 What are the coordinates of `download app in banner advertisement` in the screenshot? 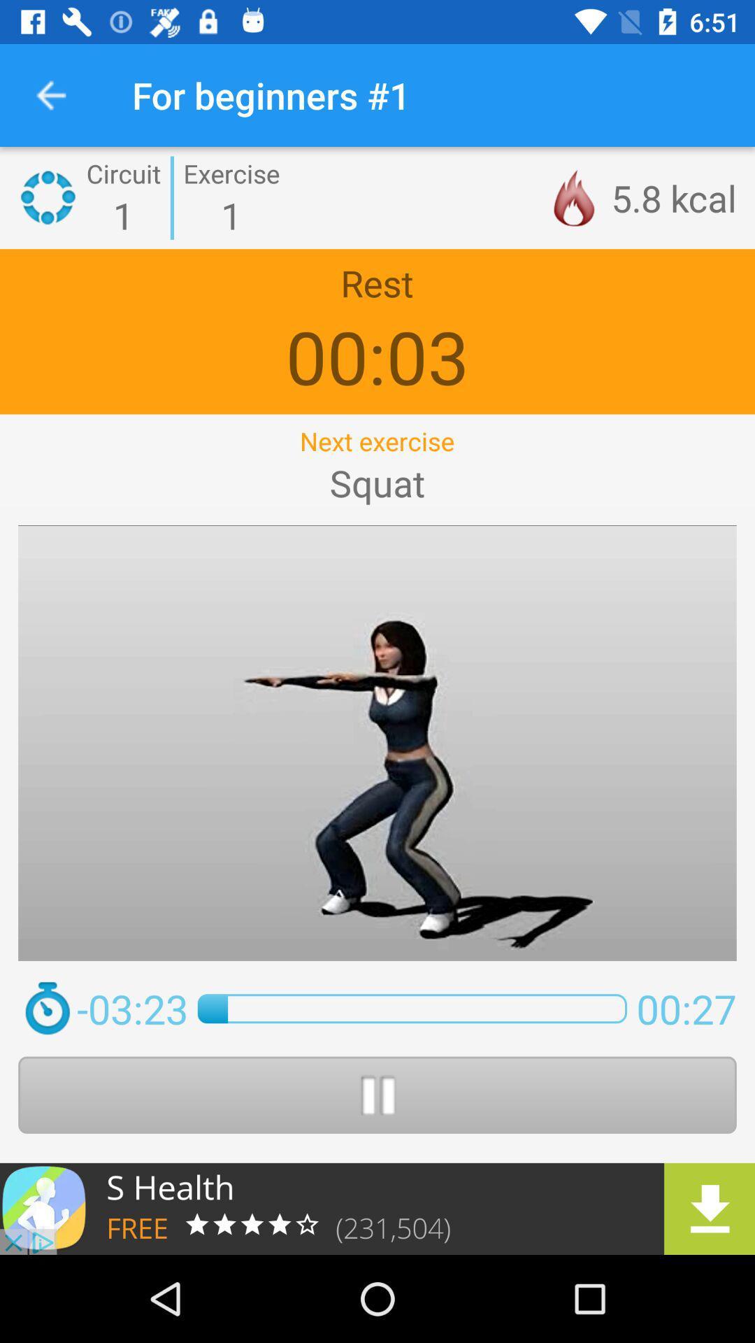 It's located at (377, 1208).